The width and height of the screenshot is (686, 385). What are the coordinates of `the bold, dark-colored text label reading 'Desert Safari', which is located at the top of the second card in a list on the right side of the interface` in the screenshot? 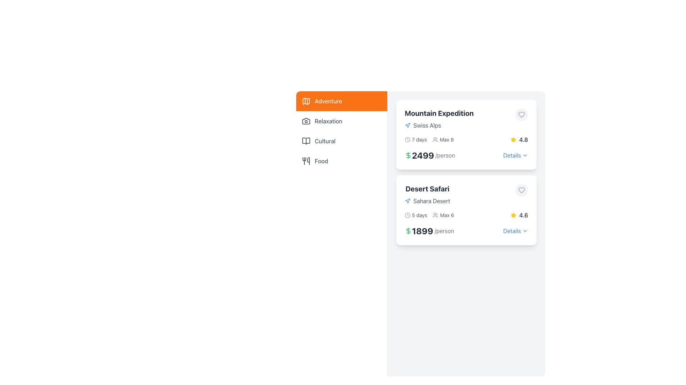 It's located at (427, 188).